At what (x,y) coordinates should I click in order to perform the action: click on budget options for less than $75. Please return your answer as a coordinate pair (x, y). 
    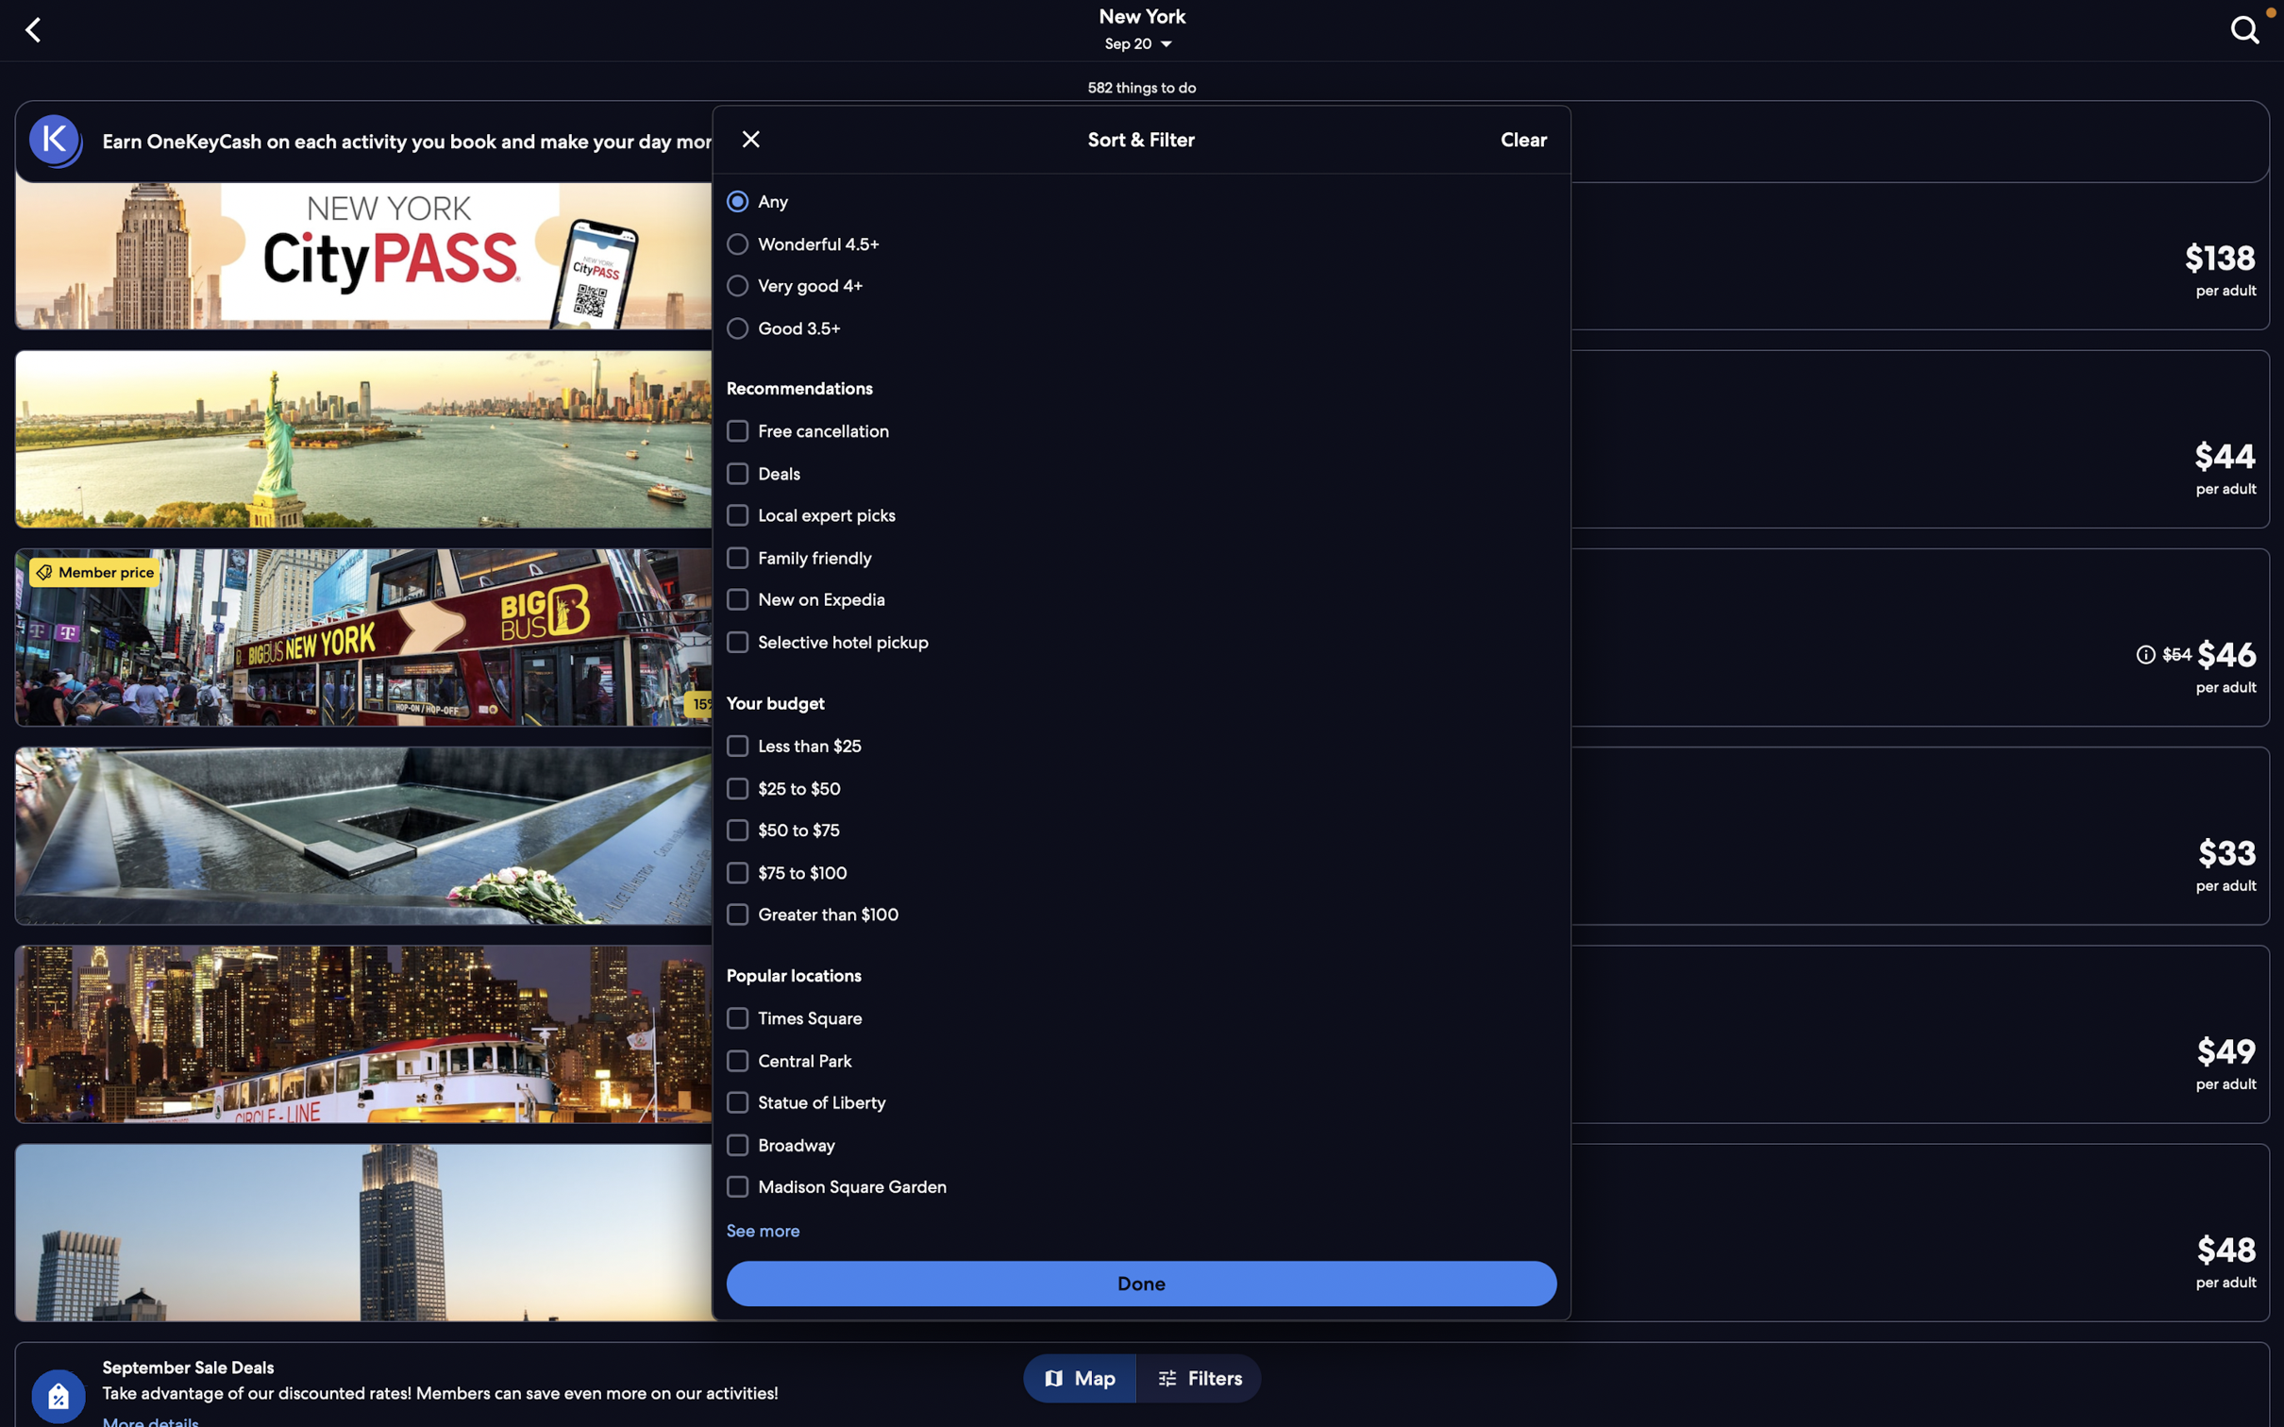
    Looking at the image, I should click on (1142, 744).